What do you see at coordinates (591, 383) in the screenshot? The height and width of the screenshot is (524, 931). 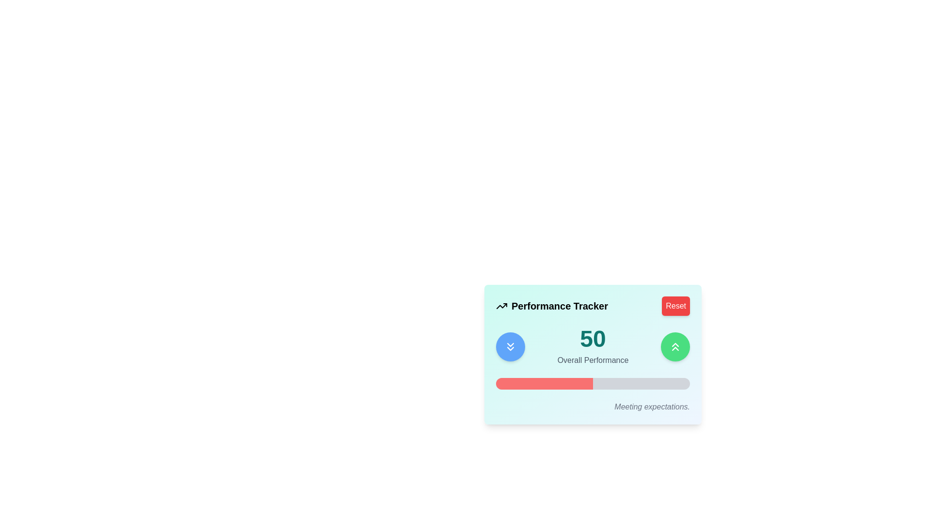 I see `performance level` at bounding box center [591, 383].